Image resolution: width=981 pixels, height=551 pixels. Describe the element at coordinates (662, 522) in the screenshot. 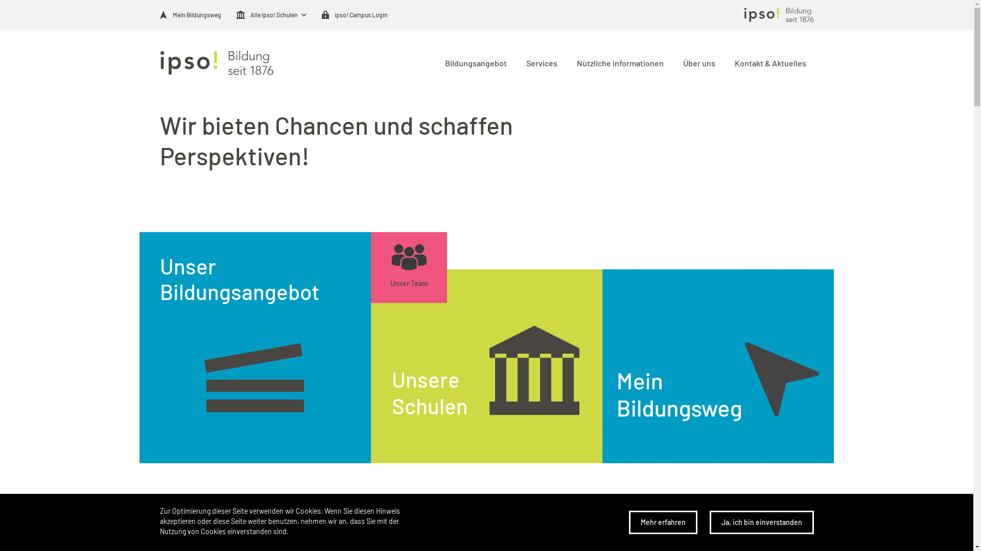

I see `'Mehr erfahren'` at that location.